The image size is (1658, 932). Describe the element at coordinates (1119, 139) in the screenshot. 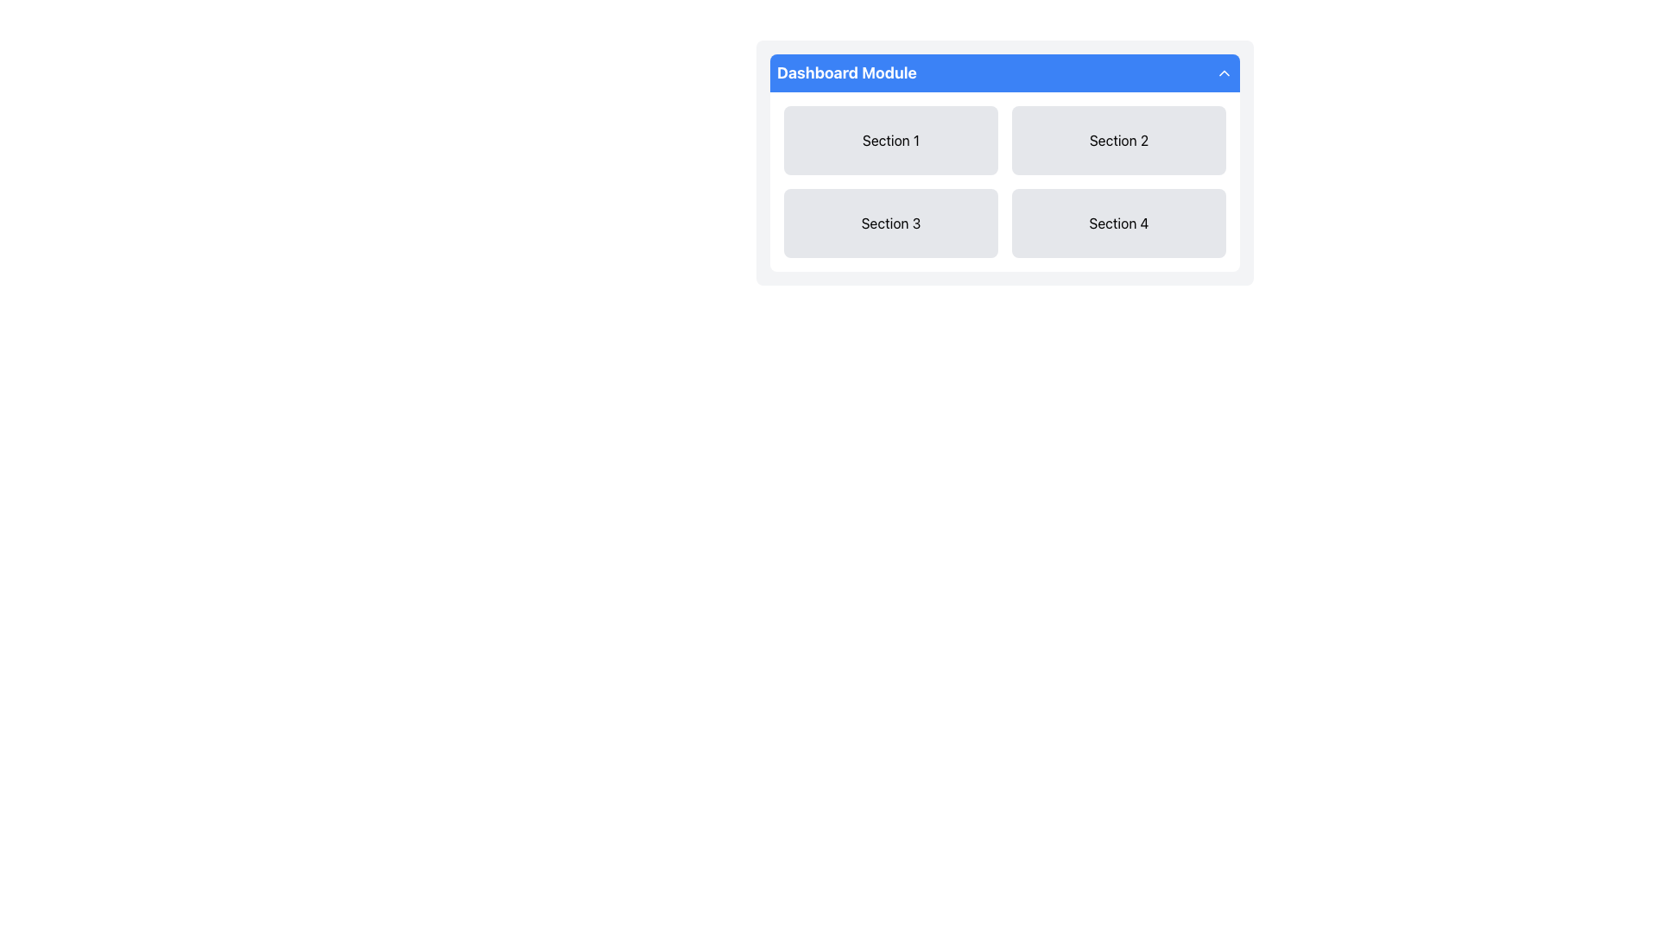

I see `the 'Section 2' static text box located in the top-right corner of the grid` at that location.